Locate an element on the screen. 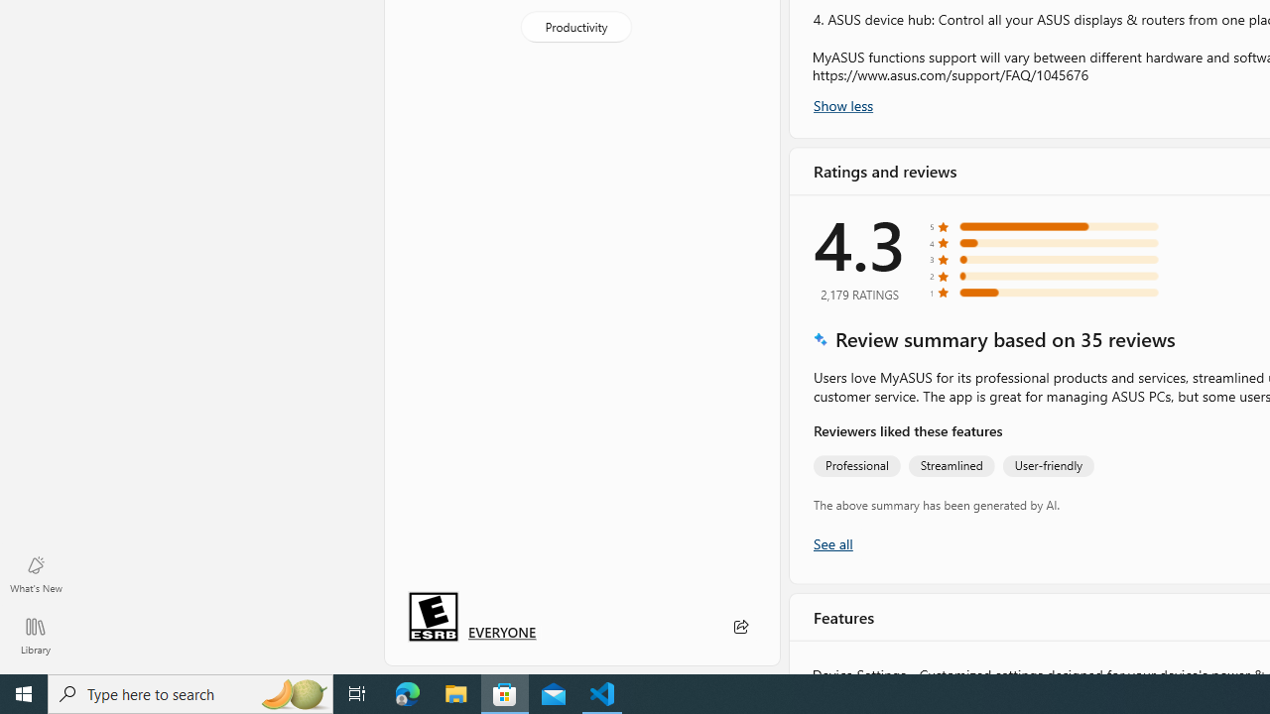 This screenshot has height=714, width=1270. 'Age rating: EVERYONE. Click for more information.' is located at coordinates (502, 632).